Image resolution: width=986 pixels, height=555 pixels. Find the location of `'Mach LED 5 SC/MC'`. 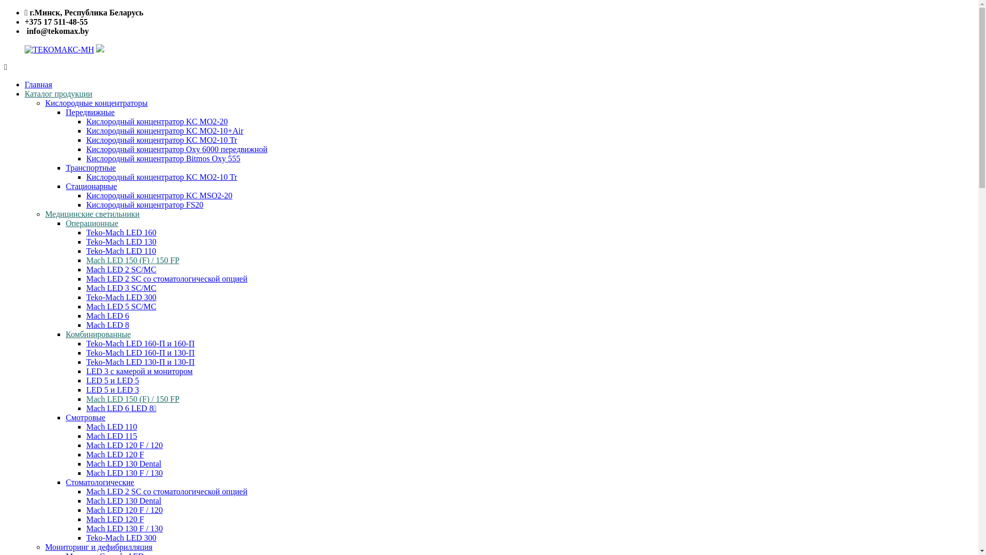

'Mach LED 5 SC/MC' is located at coordinates (121, 306).